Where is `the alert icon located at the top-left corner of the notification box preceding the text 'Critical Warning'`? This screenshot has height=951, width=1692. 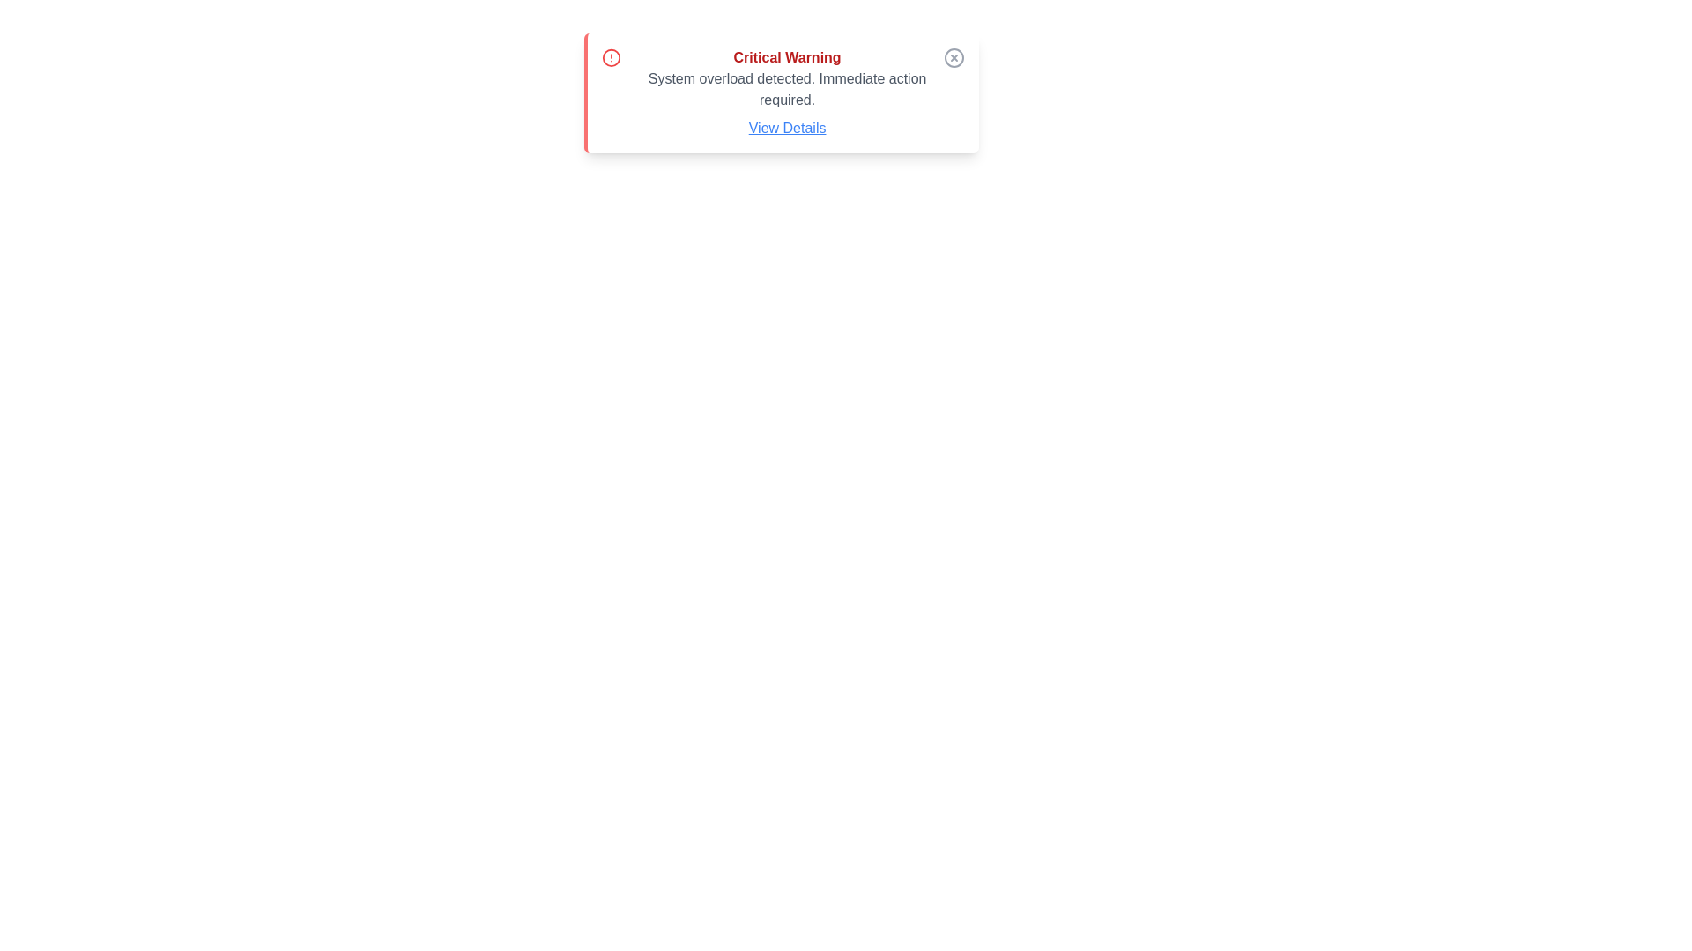 the alert icon located at the top-left corner of the notification box preceding the text 'Critical Warning' is located at coordinates (611, 56).